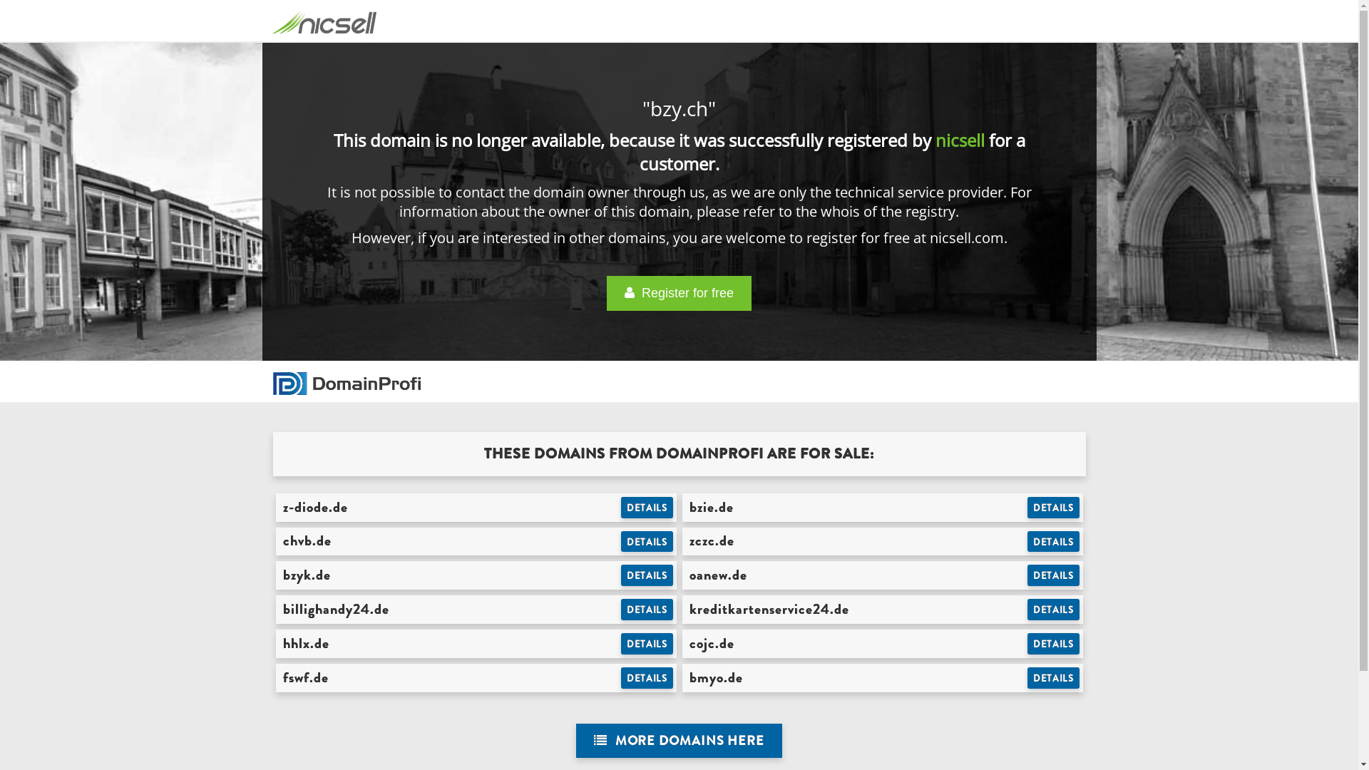 Image resolution: width=1369 pixels, height=770 pixels. What do you see at coordinates (646, 677) in the screenshot?
I see `'DETAILS'` at bounding box center [646, 677].